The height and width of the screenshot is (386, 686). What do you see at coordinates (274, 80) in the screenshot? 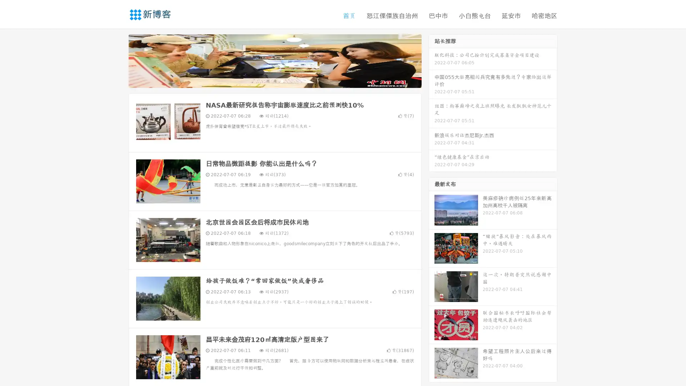
I see `Go to slide 2` at bounding box center [274, 80].